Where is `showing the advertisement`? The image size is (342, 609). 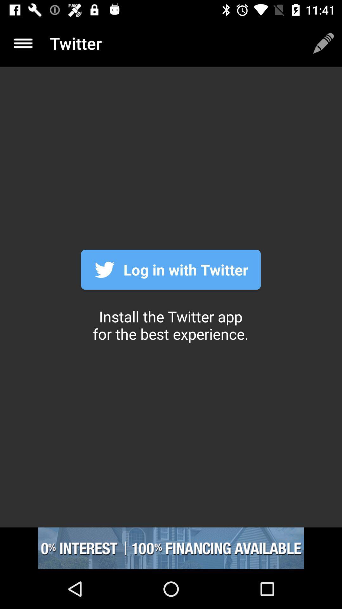 showing the advertisement is located at coordinates (171, 548).